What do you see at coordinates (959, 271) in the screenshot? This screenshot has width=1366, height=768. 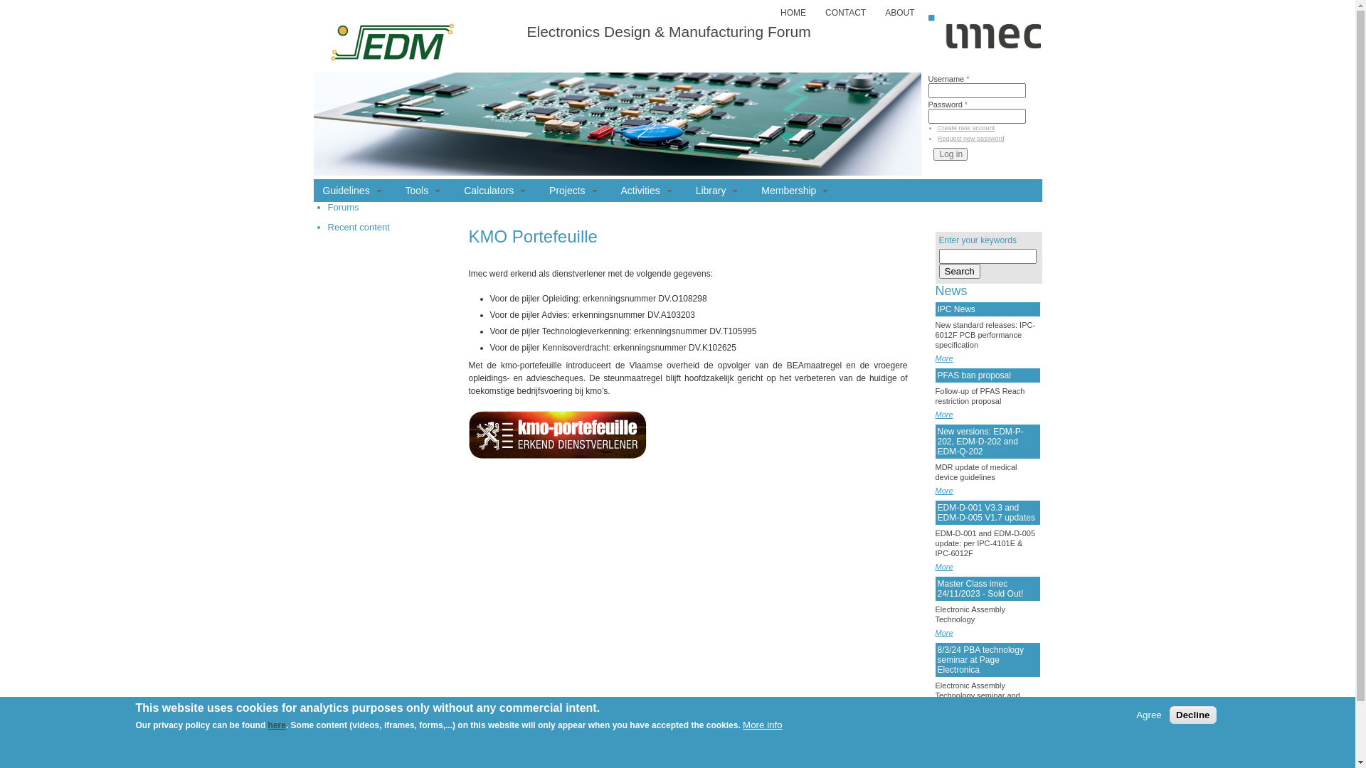 I see `'Search'` at bounding box center [959, 271].